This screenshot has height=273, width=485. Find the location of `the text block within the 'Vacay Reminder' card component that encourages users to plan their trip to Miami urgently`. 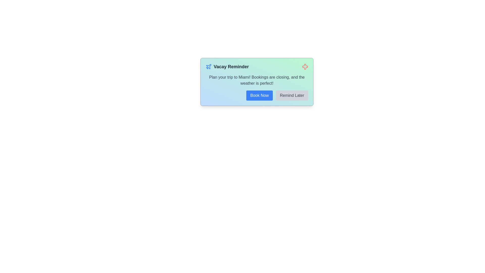

the text block within the 'Vacay Reminder' card component that encourages users to plan their trip to Miami urgently is located at coordinates (257, 80).